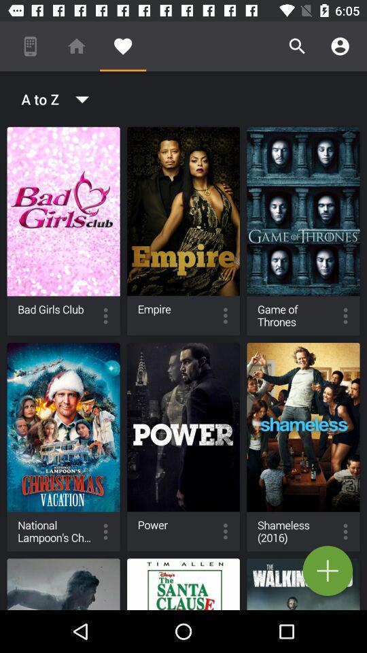 The height and width of the screenshot is (653, 367). What do you see at coordinates (30, 46) in the screenshot?
I see `mobile icon` at bounding box center [30, 46].